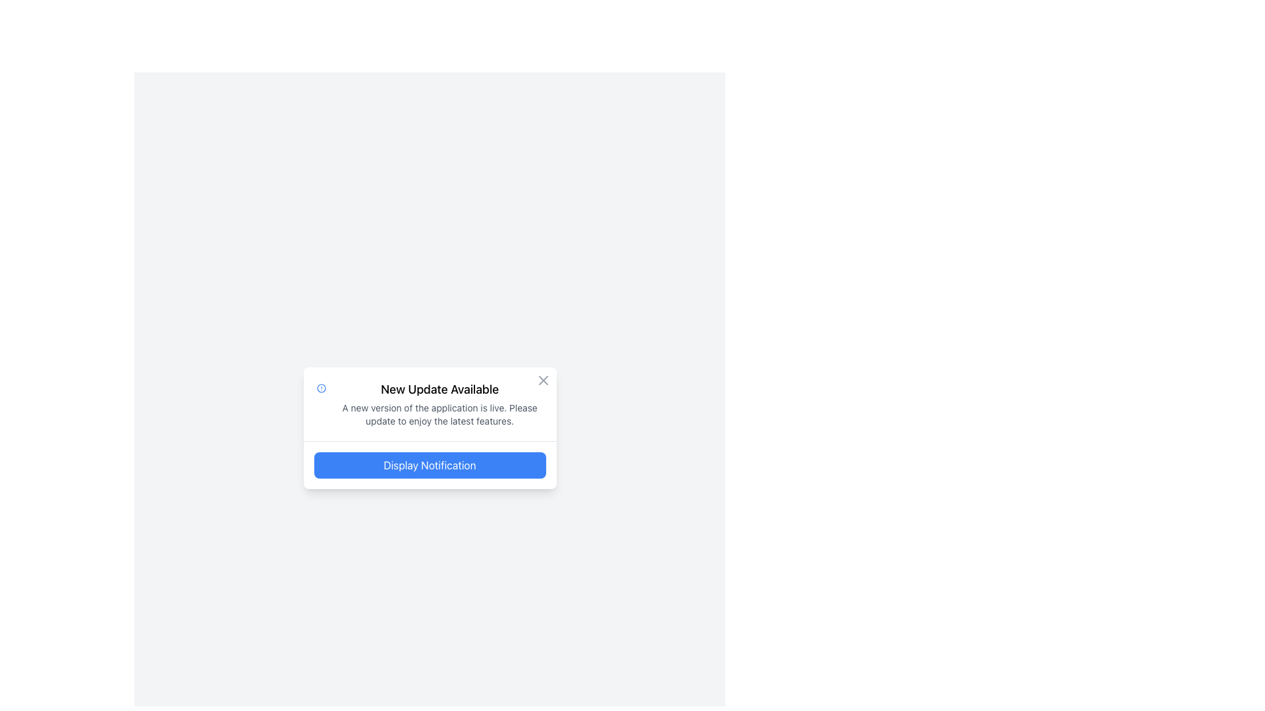 The width and height of the screenshot is (1265, 711). Describe the element at coordinates (439, 413) in the screenshot. I see `the muted gray text label that communicates the new version of the application being live, located directly below the 'New Update Available' header in the modal dialog` at that location.